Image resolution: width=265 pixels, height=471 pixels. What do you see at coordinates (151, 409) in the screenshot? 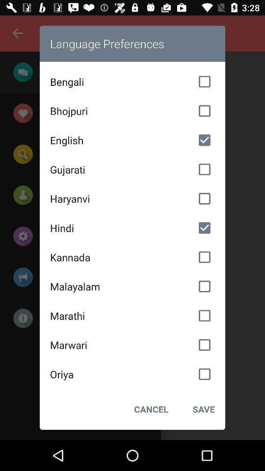
I see `cancel item` at bounding box center [151, 409].